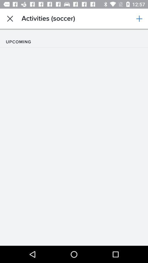 The width and height of the screenshot is (148, 263). What do you see at coordinates (139, 19) in the screenshot?
I see `item to the right of activities (soccer)` at bounding box center [139, 19].